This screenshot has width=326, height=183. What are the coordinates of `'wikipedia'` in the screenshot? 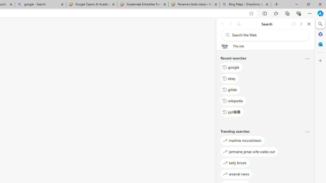 It's located at (233, 101).